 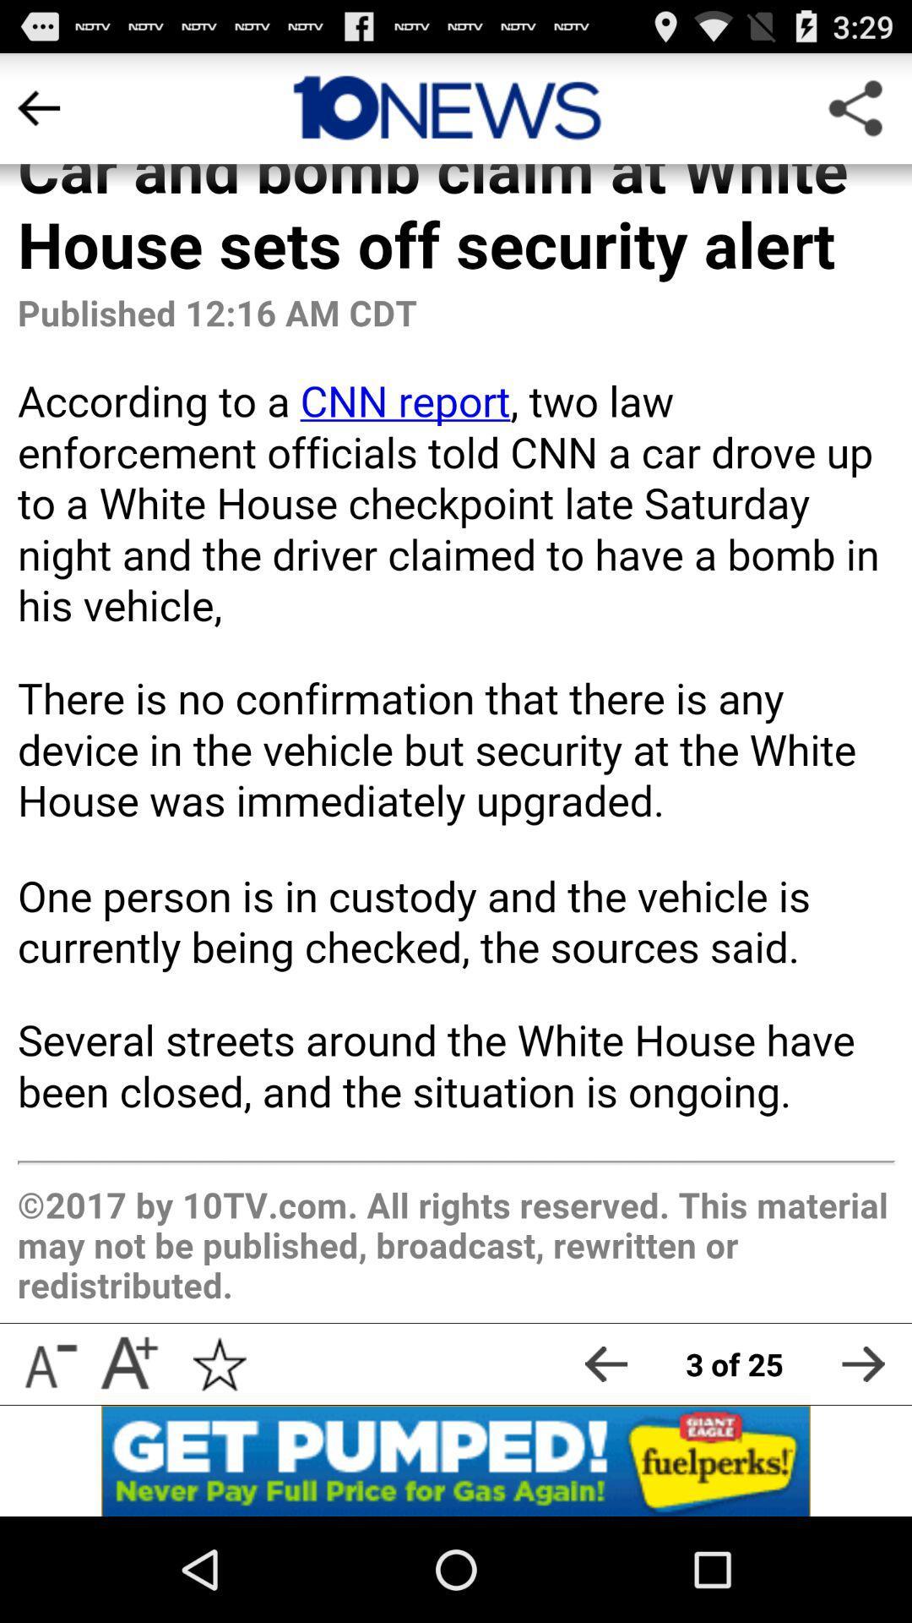 I want to click on the font icon, so click(x=128, y=1459).